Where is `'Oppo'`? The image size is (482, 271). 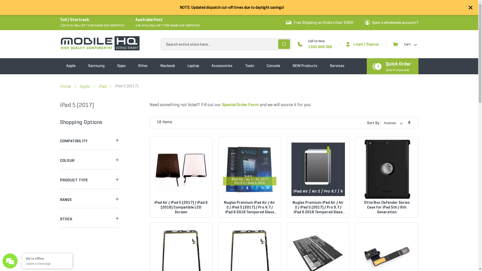
'Oppo' is located at coordinates (121, 51).